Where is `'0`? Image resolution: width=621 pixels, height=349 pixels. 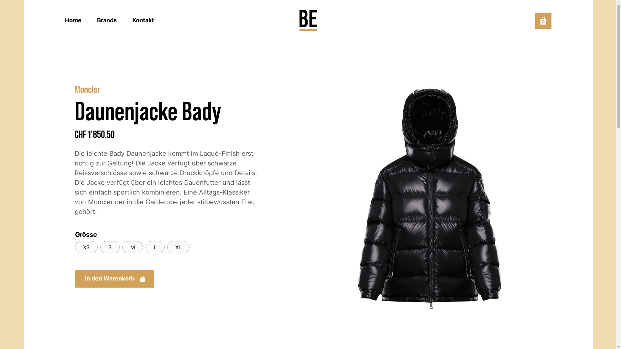
'0 is located at coordinates (543, 20).